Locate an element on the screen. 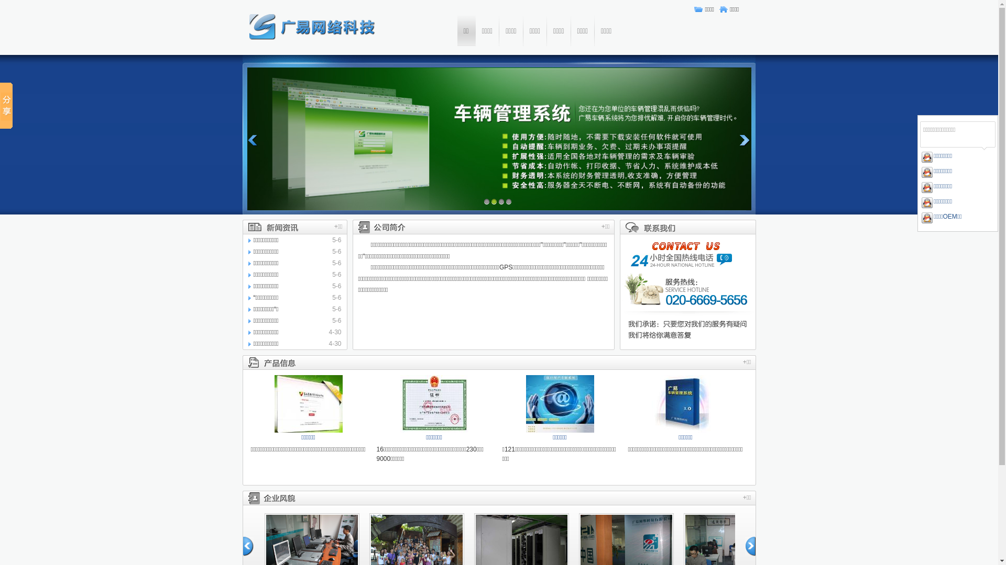 Image resolution: width=1006 pixels, height=565 pixels. '1' is located at coordinates (485, 201).